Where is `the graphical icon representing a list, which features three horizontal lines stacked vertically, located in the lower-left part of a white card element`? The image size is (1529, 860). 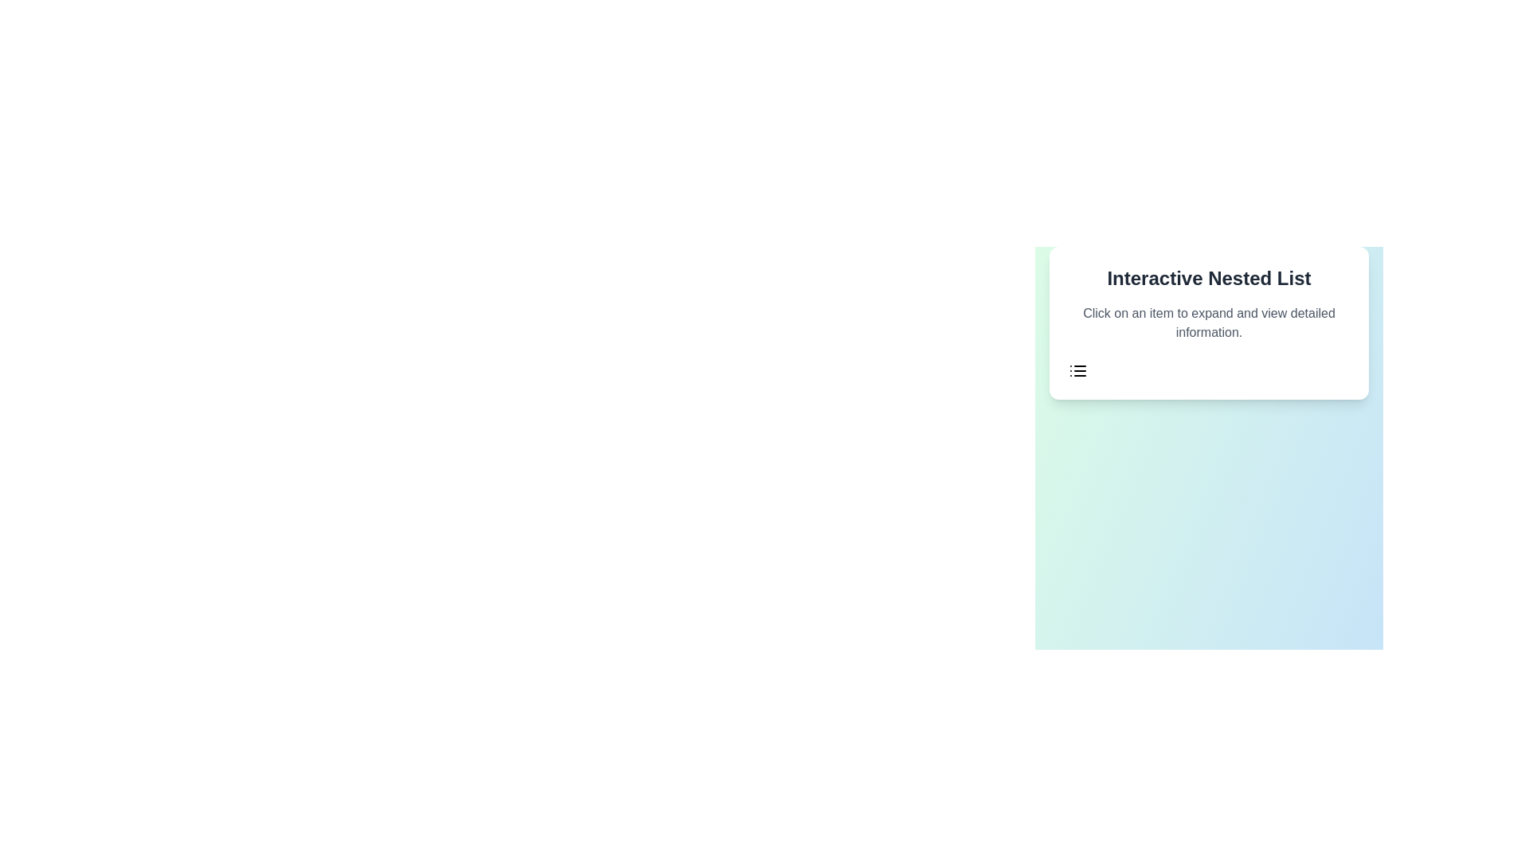
the graphical icon representing a list, which features three horizontal lines stacked vertically, located in the lower-left part of a white card element is located at coordinates (1077, 371).